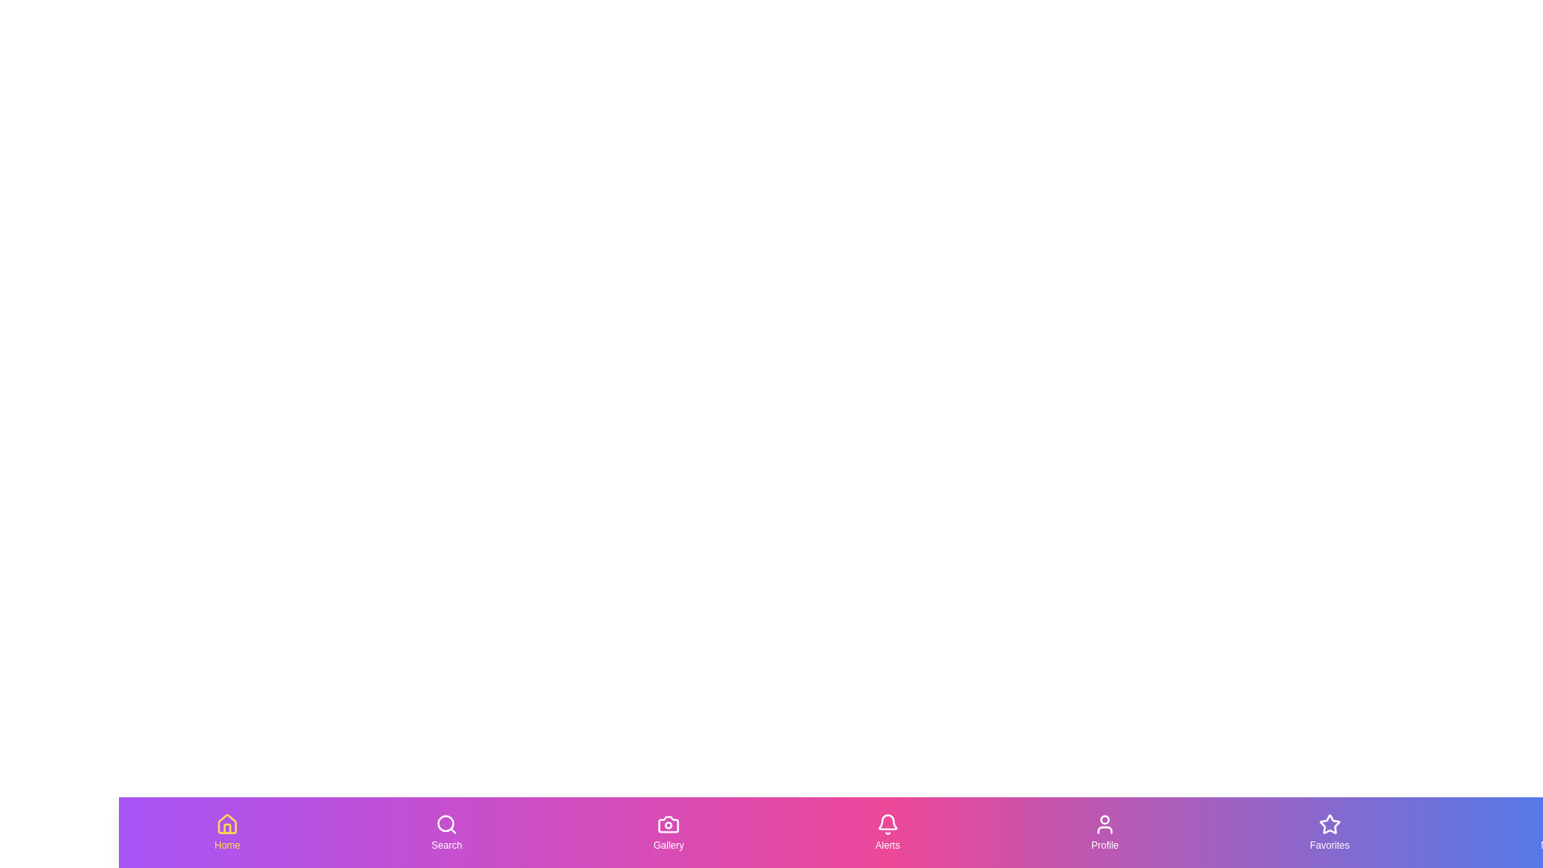 This screenshot has height=868, width=1543. What do you see at coordinates (668, 832) in the screenshot?
I see `the Gallery tab by clicking on its button` at bounding box center [668, 832].